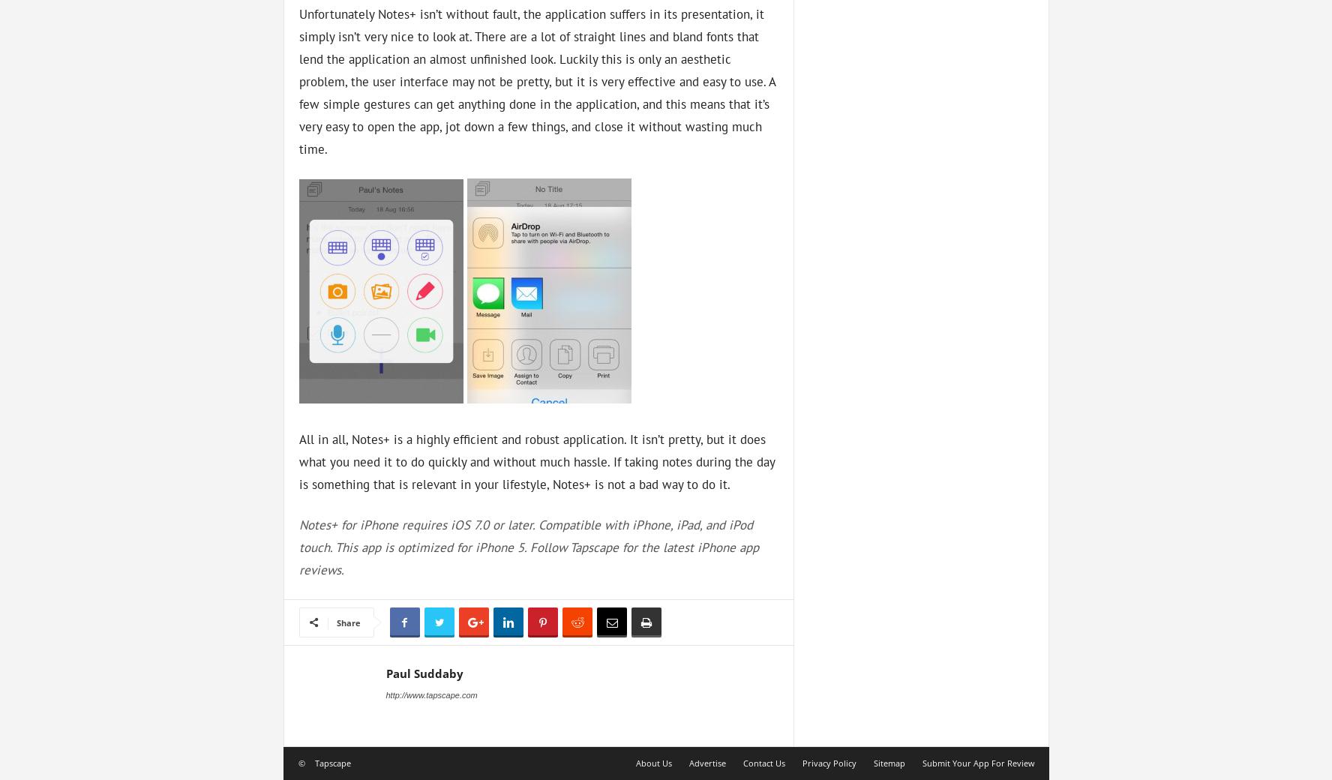 The height and width of the screenshot is (780, 1332). What do you see at coordinates (298, 79) in the screenshot?
I see `'Unfortunately Notes+ isn’t without fault, the application suffers in its presentation, it simply isn’t very nice to look at. There are a lot of straight lines and bland fonts that lend the application an almost unfinished look. Luckily this is only an aesthetic problem, the user interface may not be pretty, but it is very effective and easy to use. A few simple gestures can get anything done in the application, and this means that it’s very easy to open the app, jot down a few things, and close it without wasting much time.'` at bounding box center [298, 79].